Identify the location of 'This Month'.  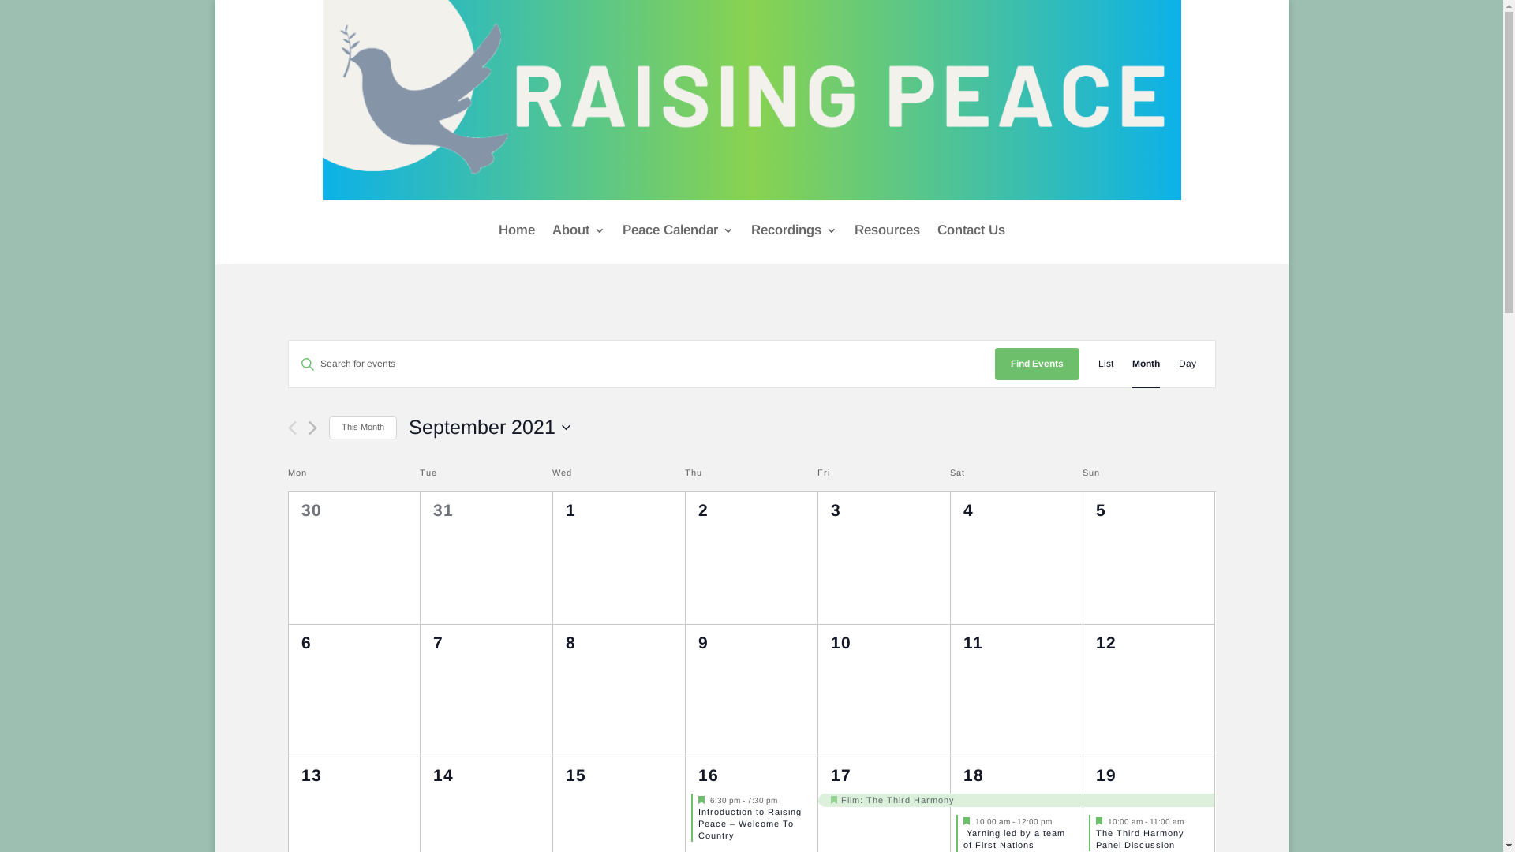
(361, 427).